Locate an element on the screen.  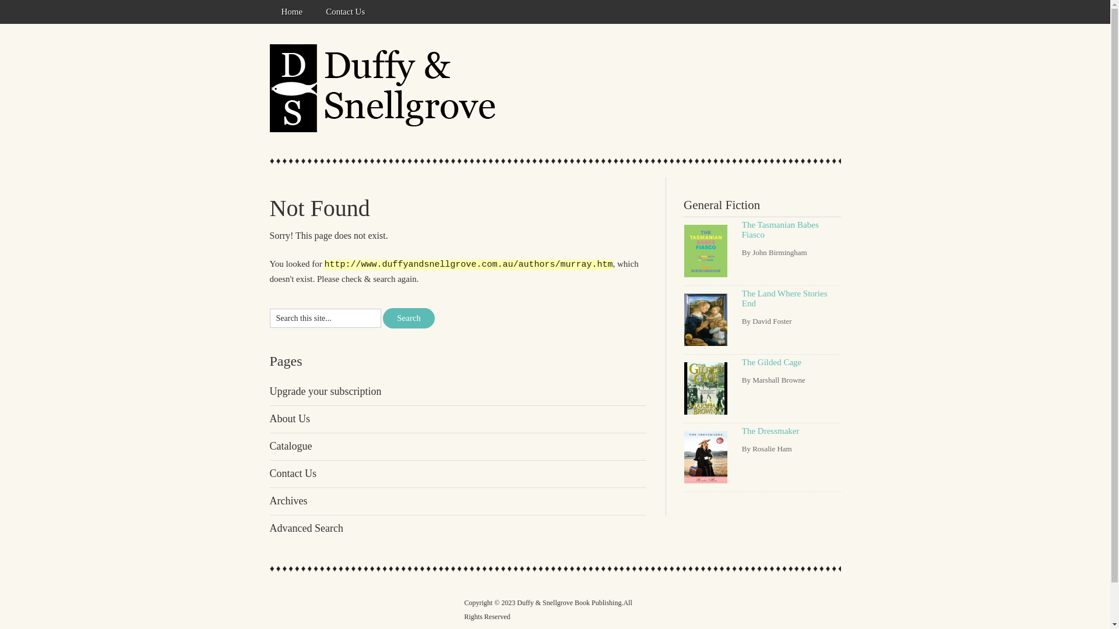
'Archives' is located at coordinates (288, 500).